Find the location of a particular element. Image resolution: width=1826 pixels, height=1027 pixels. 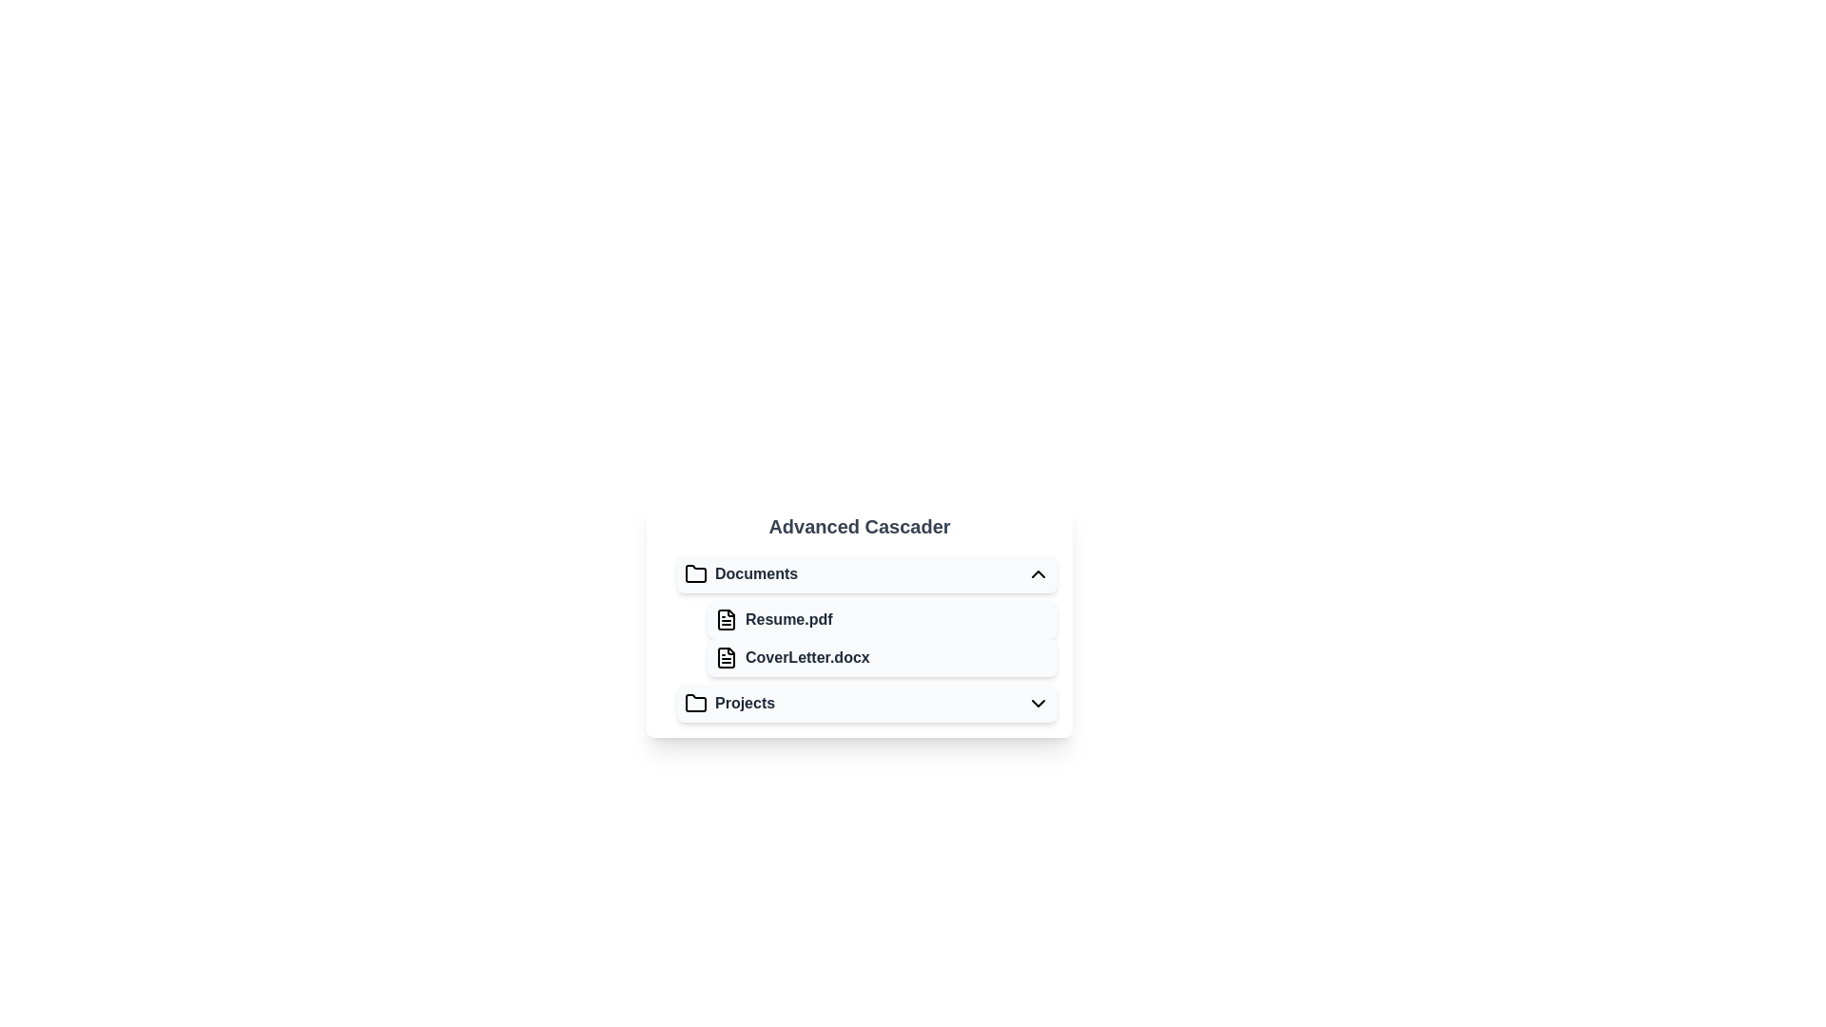

the folder icon located in the 'Projects' section is located at coordinates (694, 703).